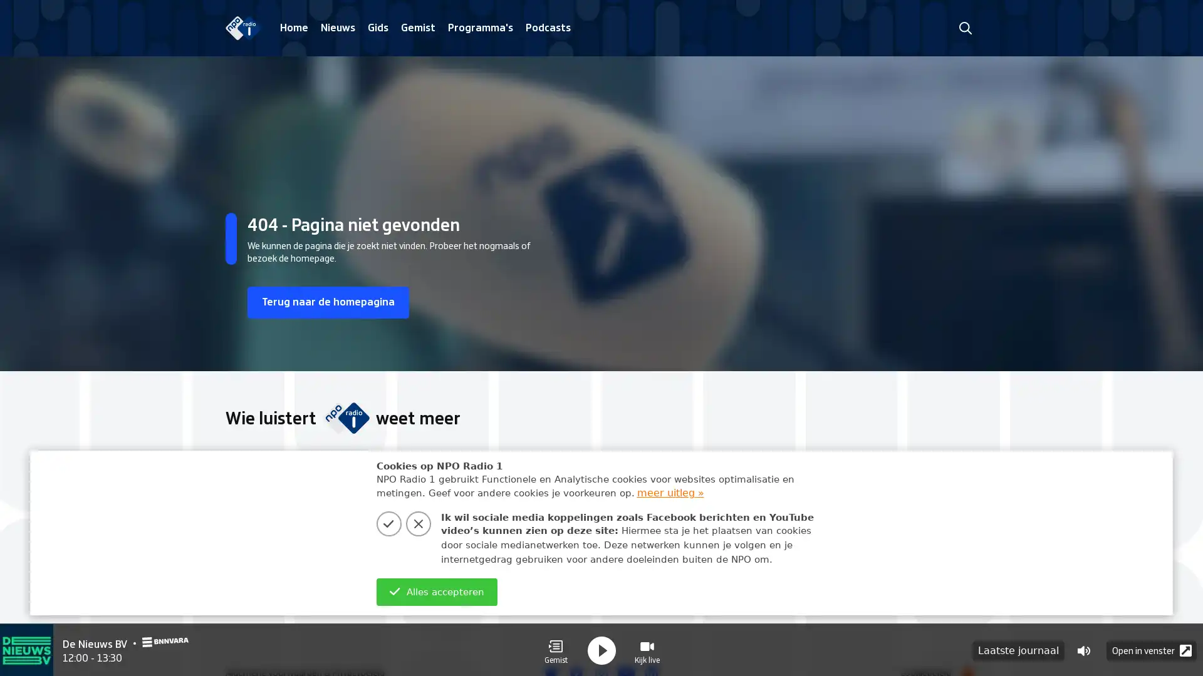 Image resolution: width=1203 pixels, height=676 pixels. What do you see at coordinates (601, 648) in the screenshot?
I see `play` at bounding box center [601, 648].